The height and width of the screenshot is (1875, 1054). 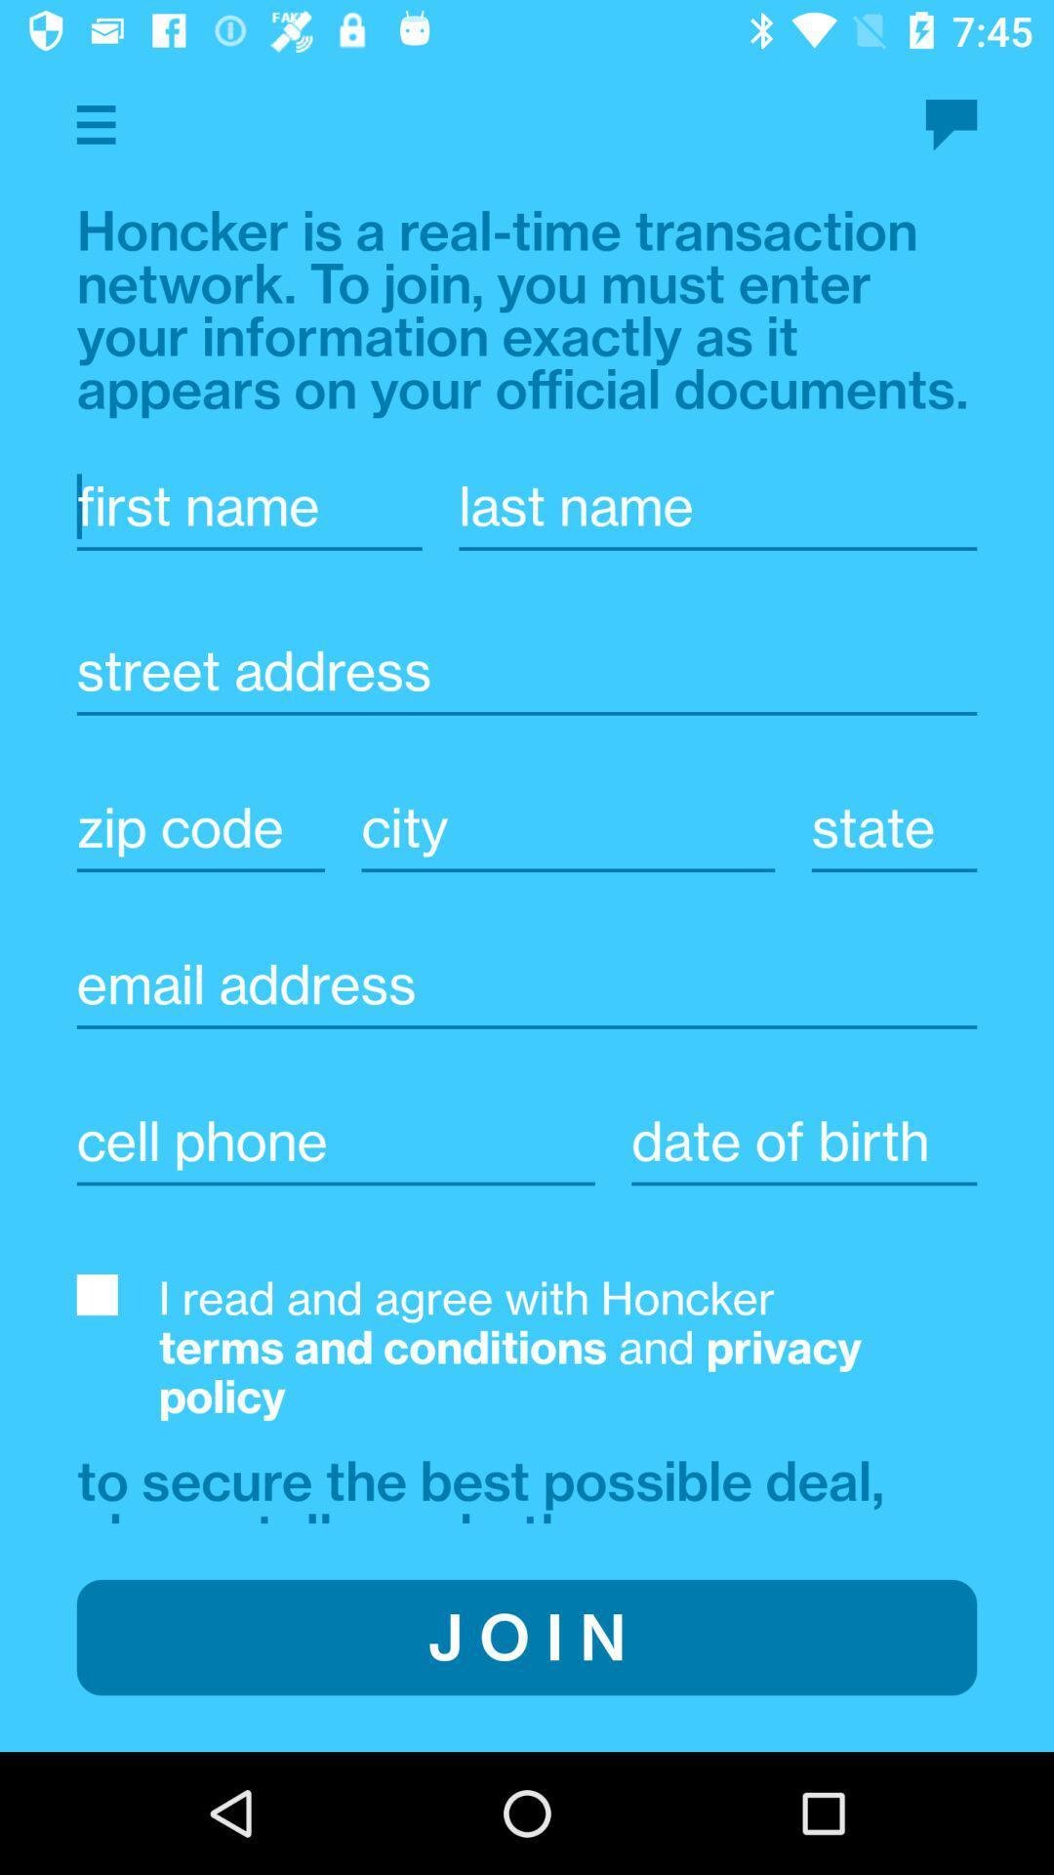 What do you see at coordinates (97, 1294) in the screenshot?
I see `confirm that you 've read and agree to the policies and terms and conditions` at bounding box center [97, 1294].